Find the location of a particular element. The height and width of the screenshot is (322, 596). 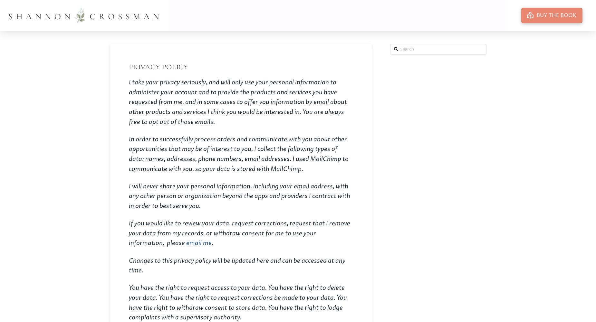

'I will never share your personal information, including your email address, with any other person or organization beyond the apps and providers I contract with in order to best serve you.' is located at coordinates (128, 196).